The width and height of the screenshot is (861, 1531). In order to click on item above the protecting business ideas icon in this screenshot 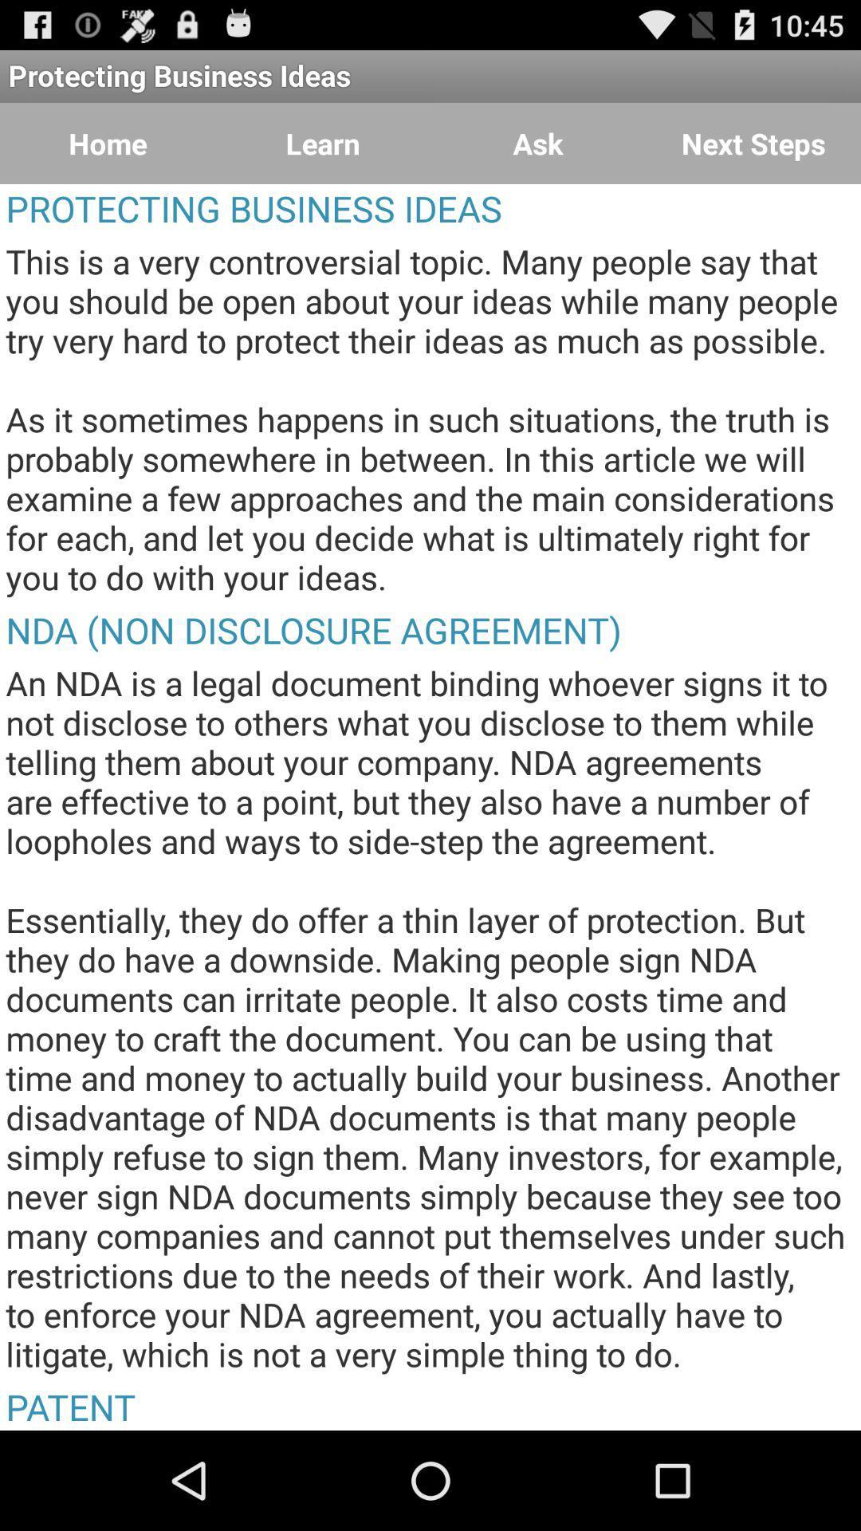, I will do `click(108, 144)`.